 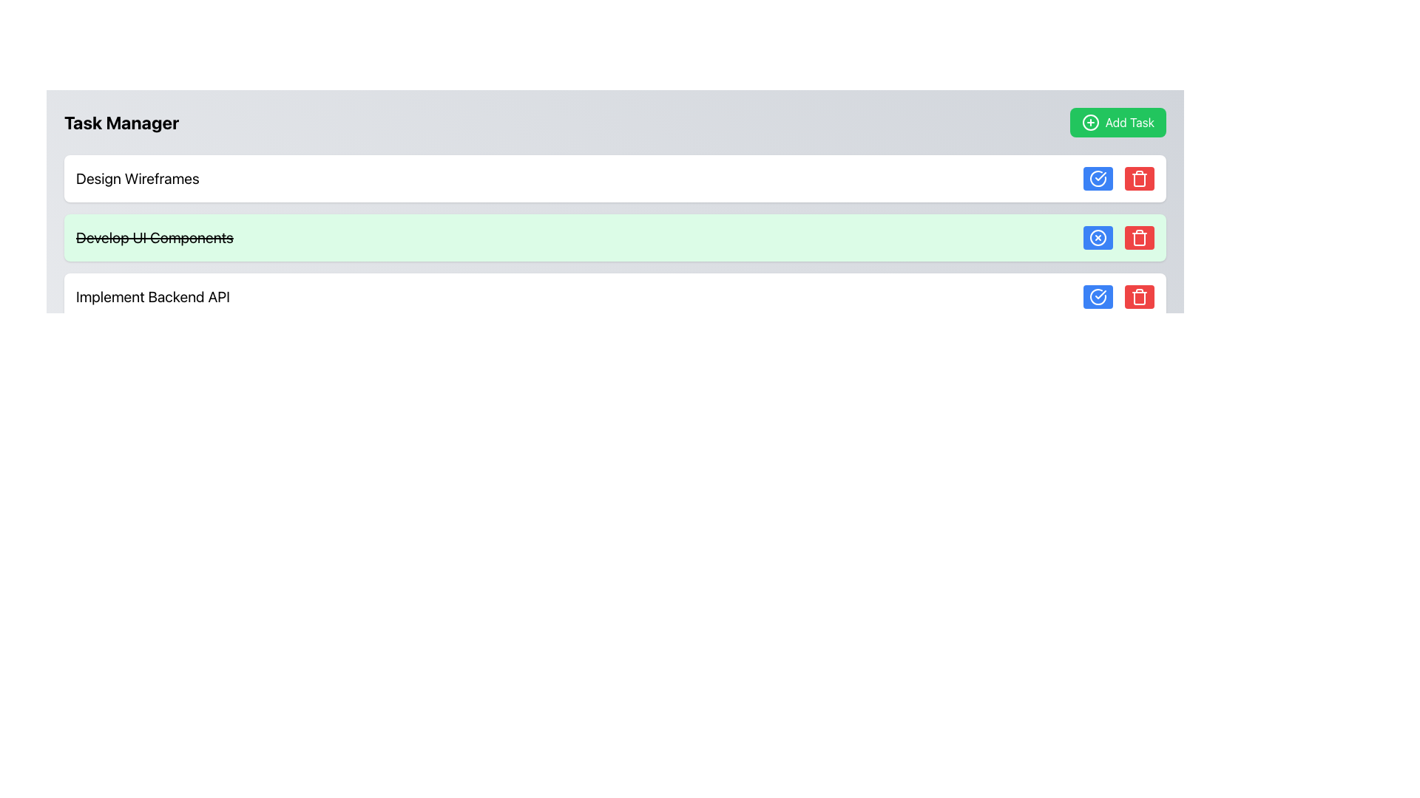 What do you see at coordinates (1098, 296) in the screenshot?
I see `the circular confirmation icon with a blue background and white checkmark, located to the right of 'Develop UI Components'` at bounding box center [1098, 296].